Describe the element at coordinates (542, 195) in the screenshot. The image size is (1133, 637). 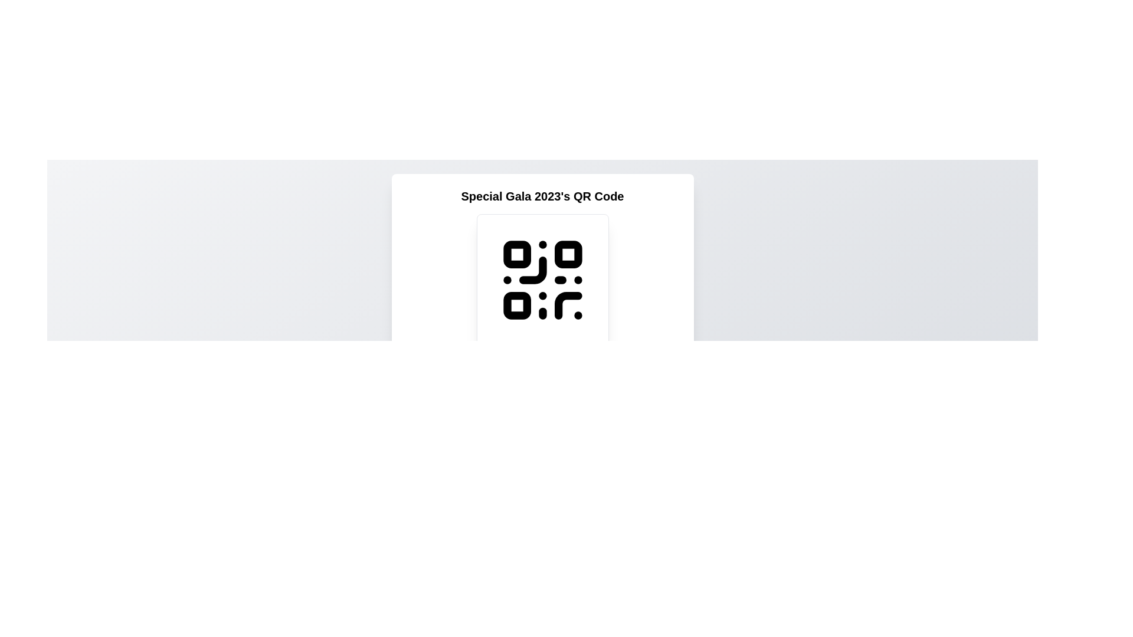
I see `text from the Header that describes the QR code for 'Special Gala 2023', which is positioned at the top of the card-like white box` at that location.